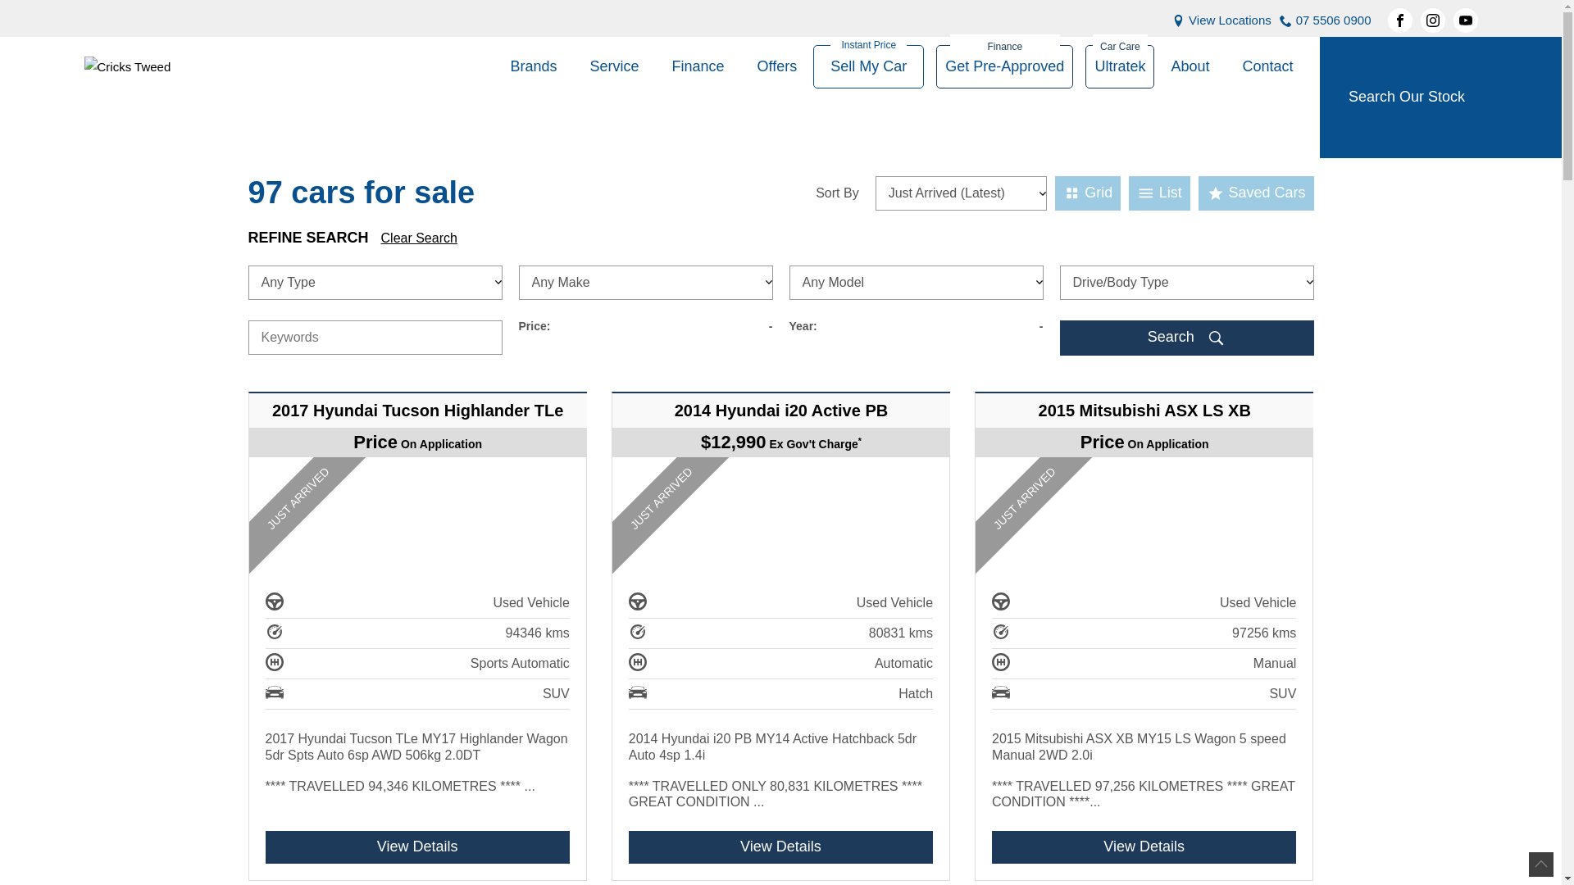 The image size is (1574, 885). I want to click on 'About', so click(1153, 66).